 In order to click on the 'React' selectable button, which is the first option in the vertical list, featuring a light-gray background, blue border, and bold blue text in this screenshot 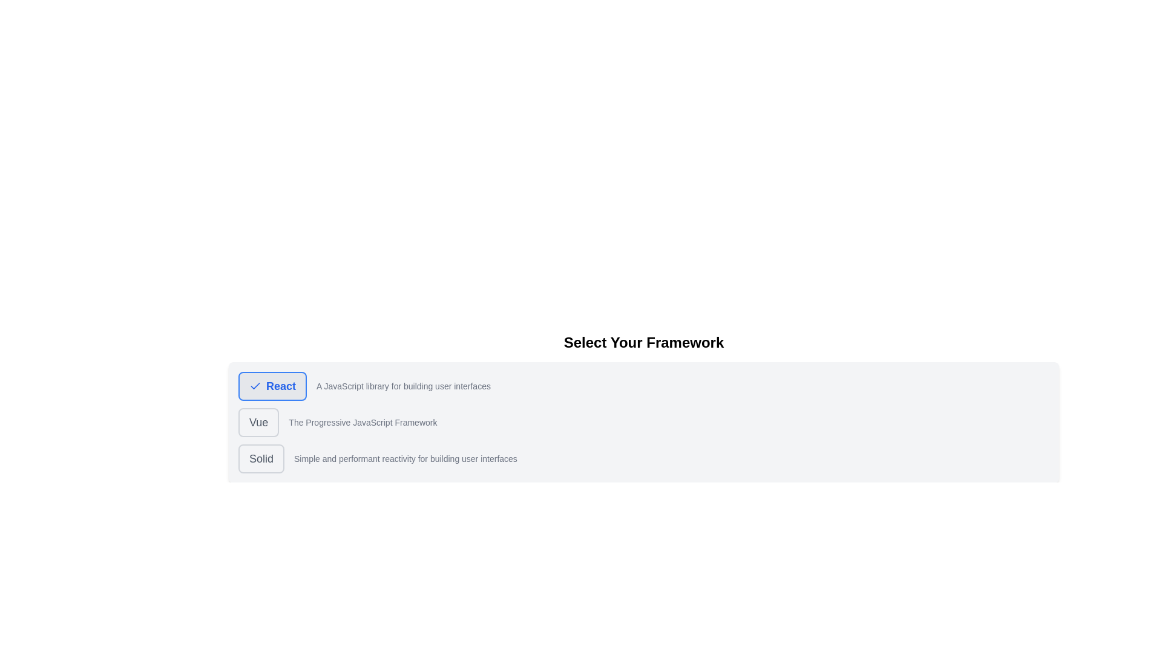, I will do `click(272, 386)`.